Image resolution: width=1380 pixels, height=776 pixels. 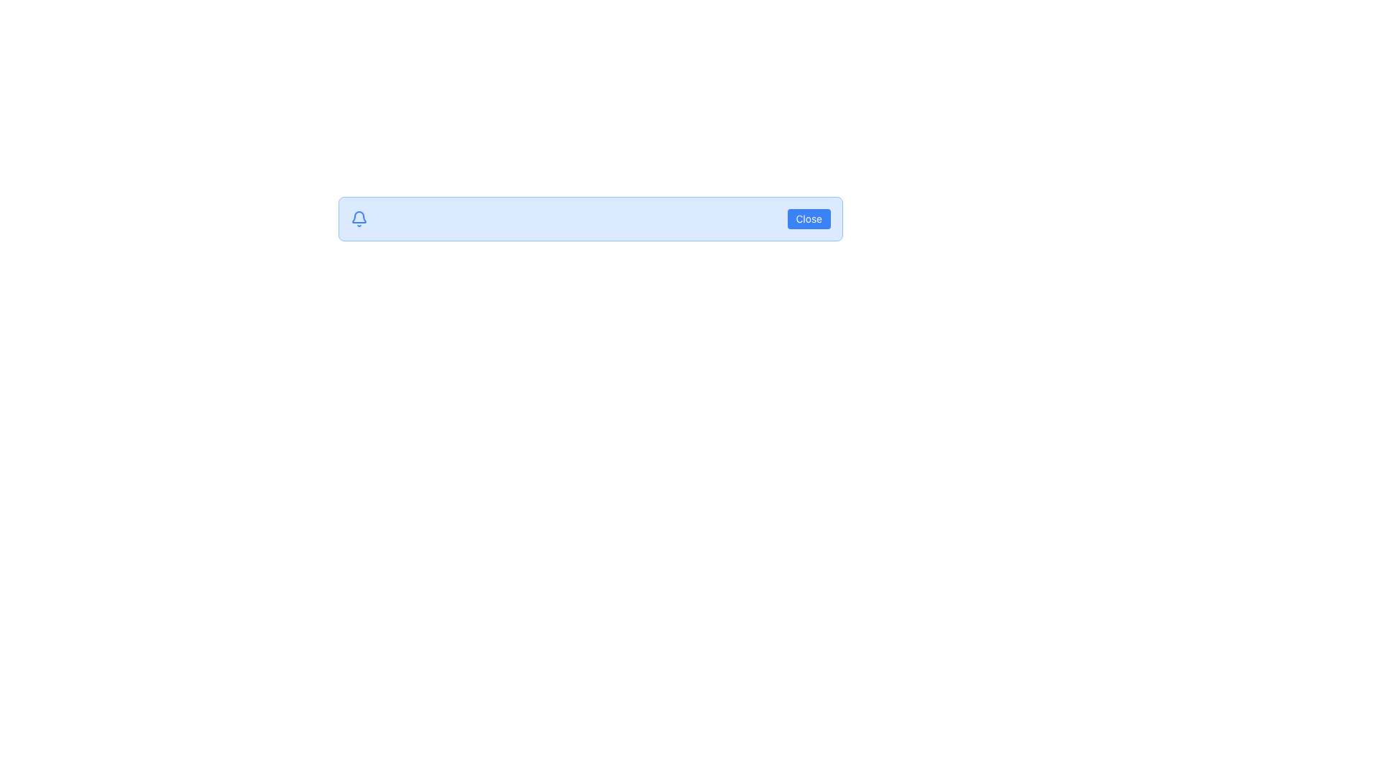 What do you see at coordinates (809, 218) in the screenshot?
I see `the 'Close' button` at bounding box center [809, 218].